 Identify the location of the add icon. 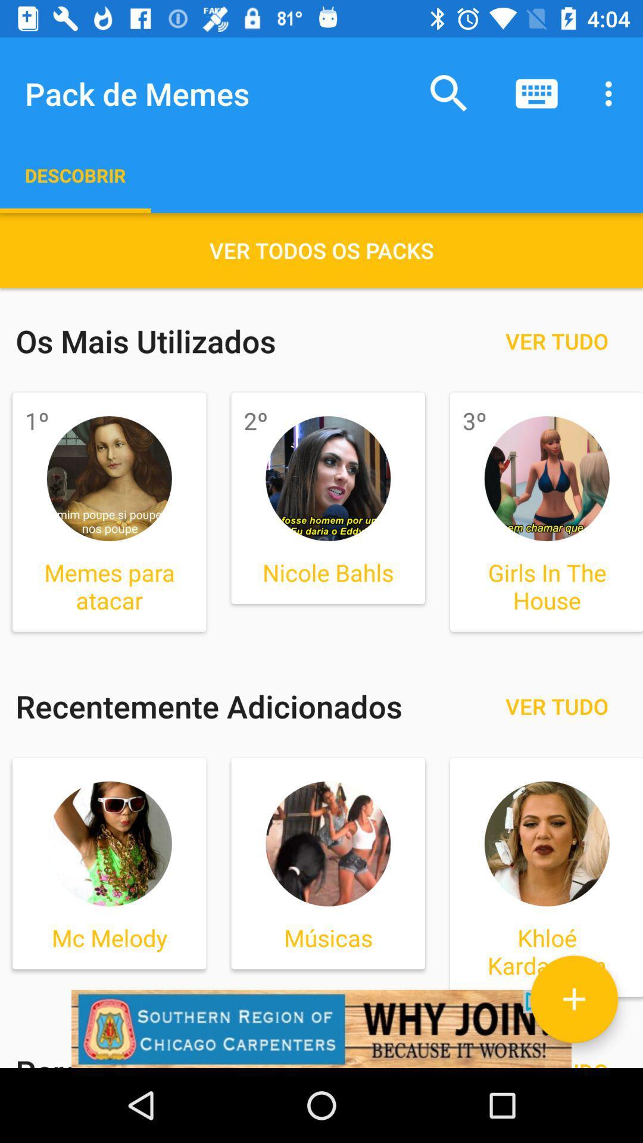
(573, 999).